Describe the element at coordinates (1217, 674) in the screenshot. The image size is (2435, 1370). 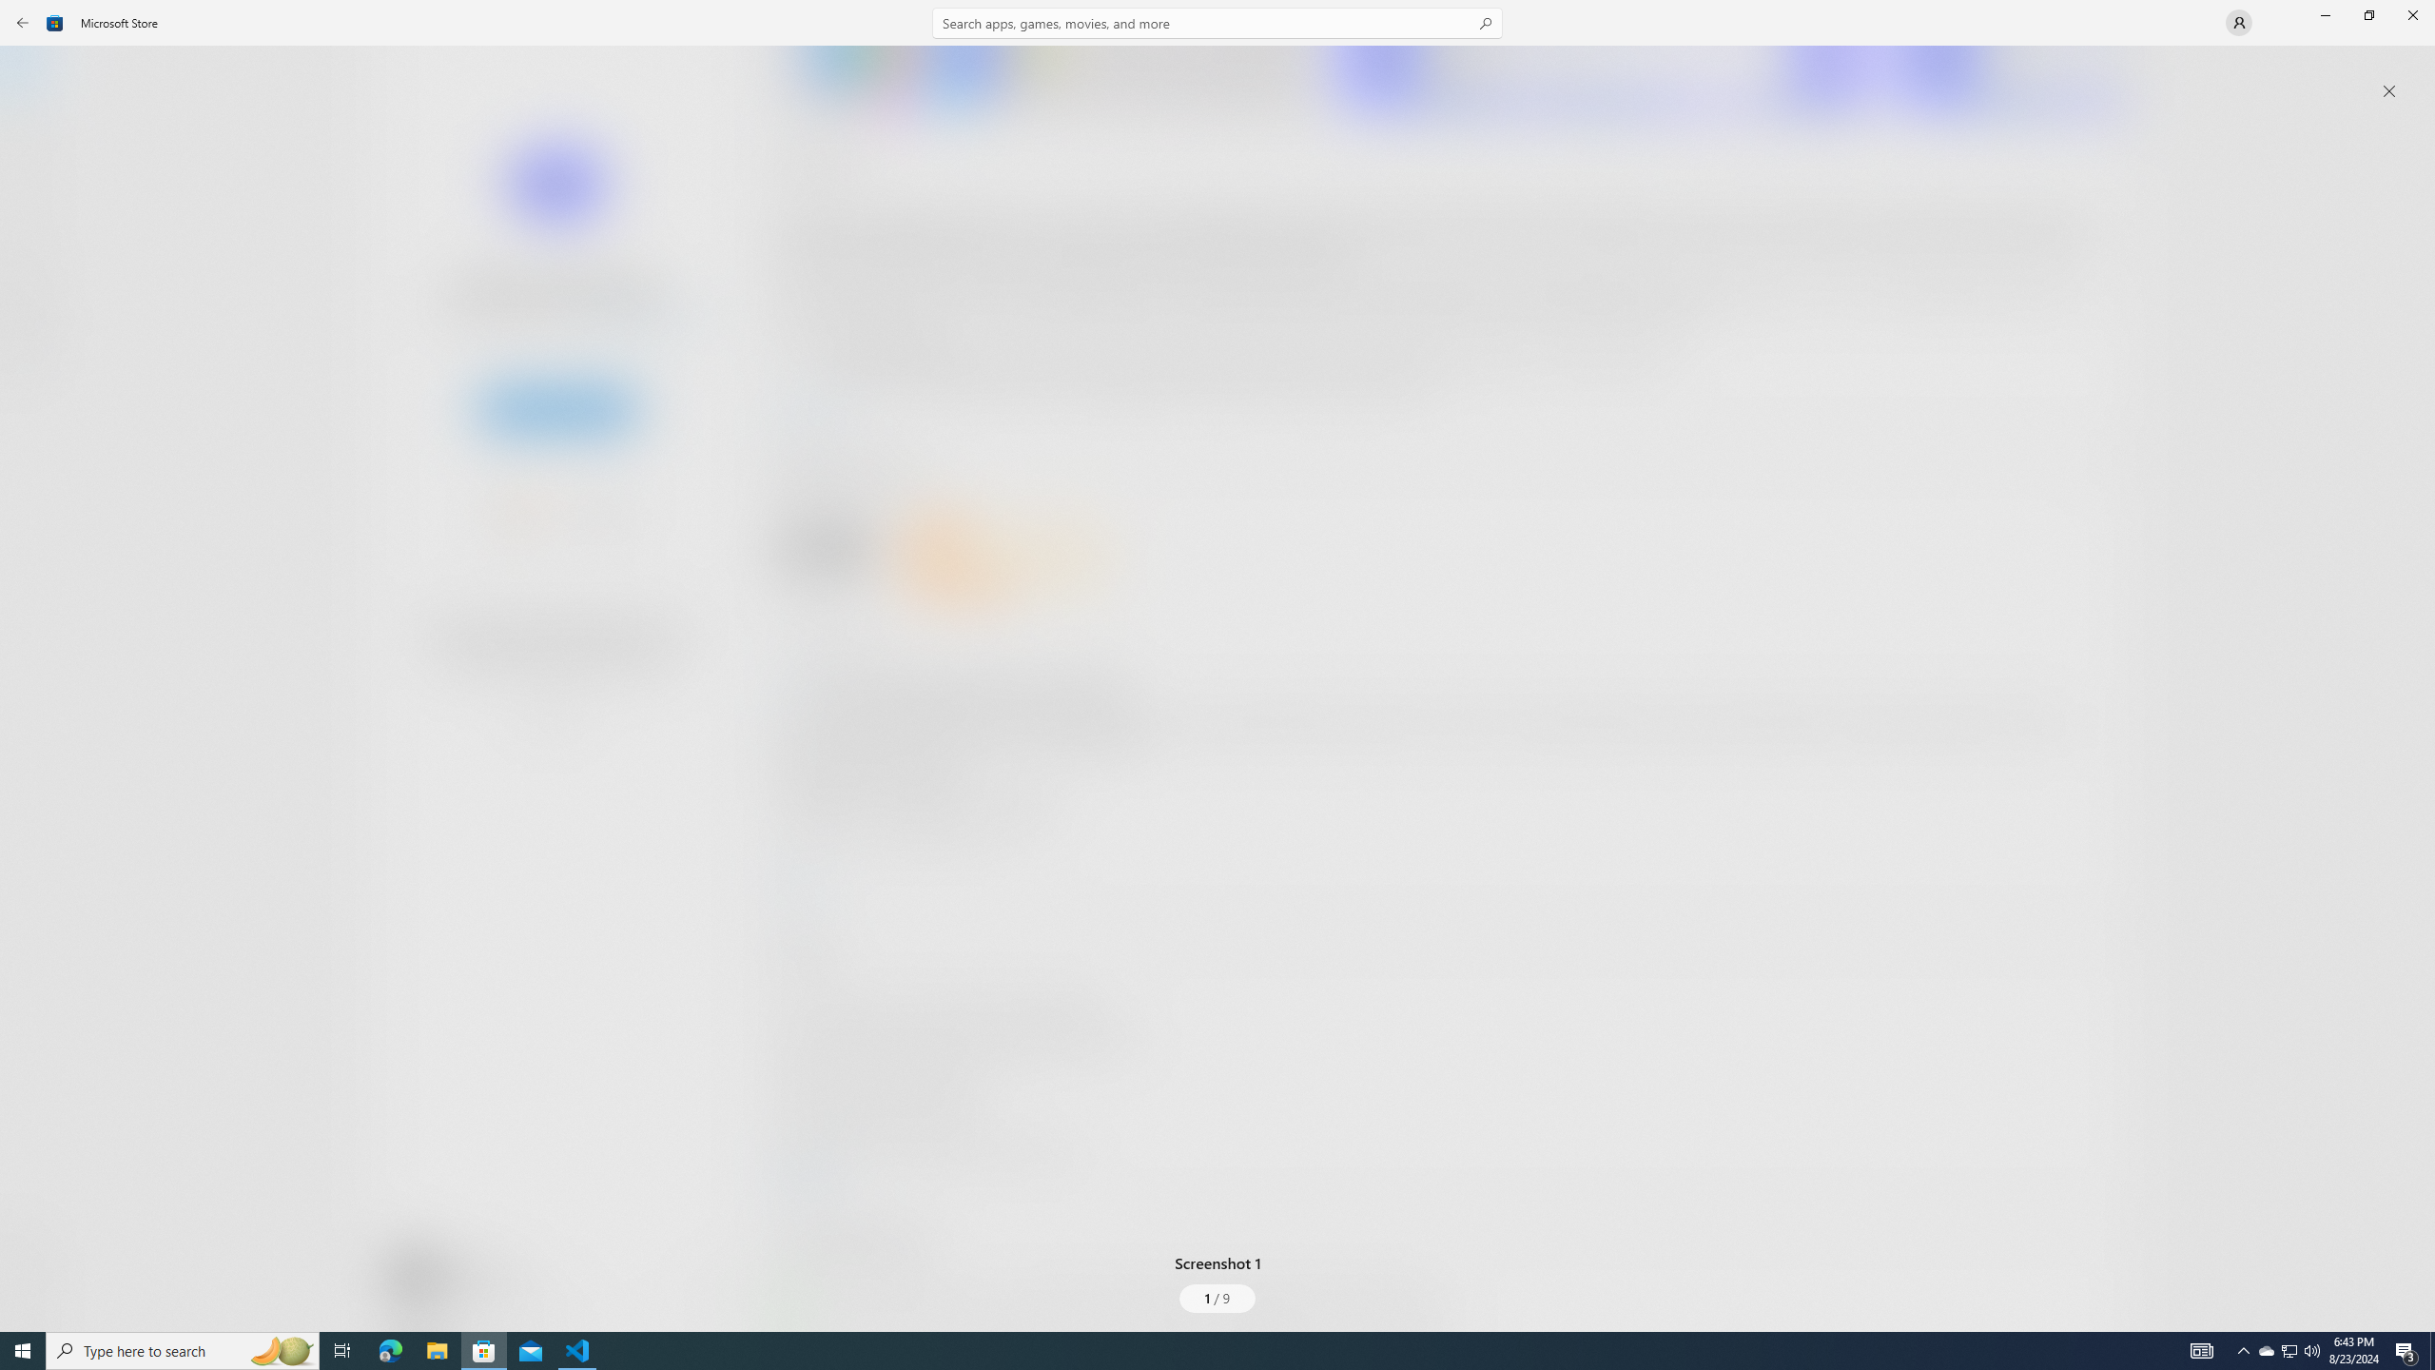
I see `'Screenshot 1'` at that location.